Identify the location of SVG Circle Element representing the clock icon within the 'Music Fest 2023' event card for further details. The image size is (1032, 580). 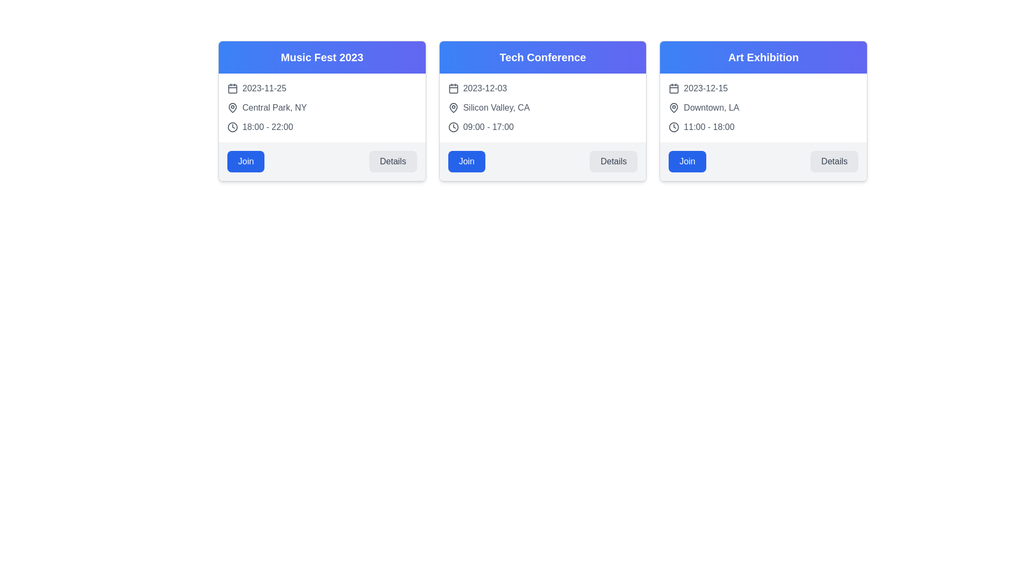
(232, 126).